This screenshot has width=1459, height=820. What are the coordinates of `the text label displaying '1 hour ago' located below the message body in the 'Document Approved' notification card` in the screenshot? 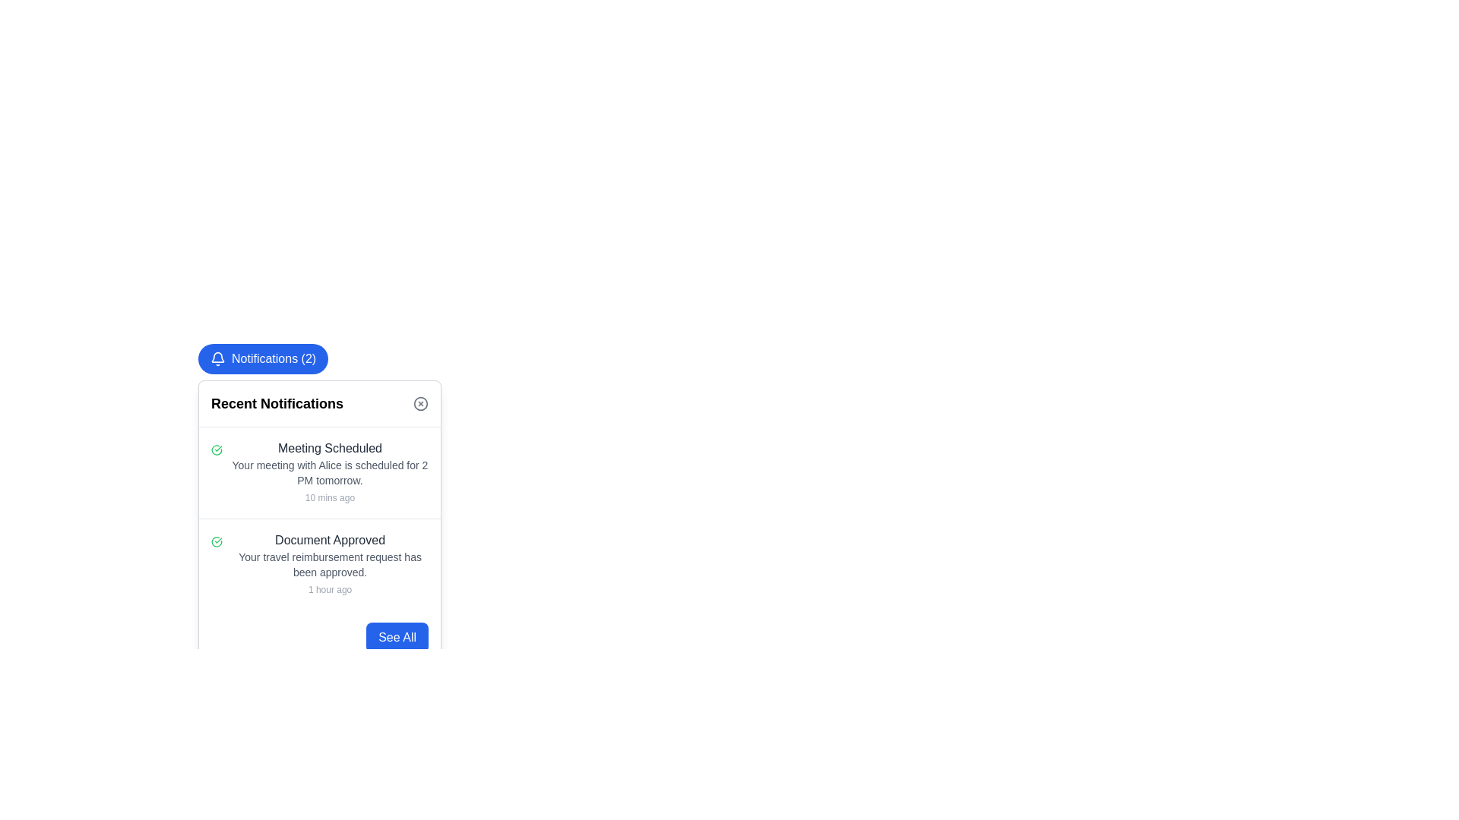 It's located at (329, 588).